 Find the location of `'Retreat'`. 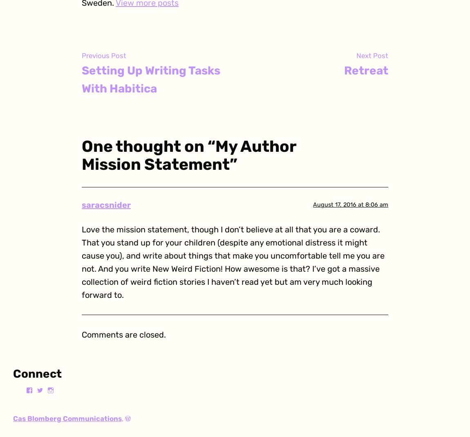

'Retreat' is located at coordinates (344, 70).